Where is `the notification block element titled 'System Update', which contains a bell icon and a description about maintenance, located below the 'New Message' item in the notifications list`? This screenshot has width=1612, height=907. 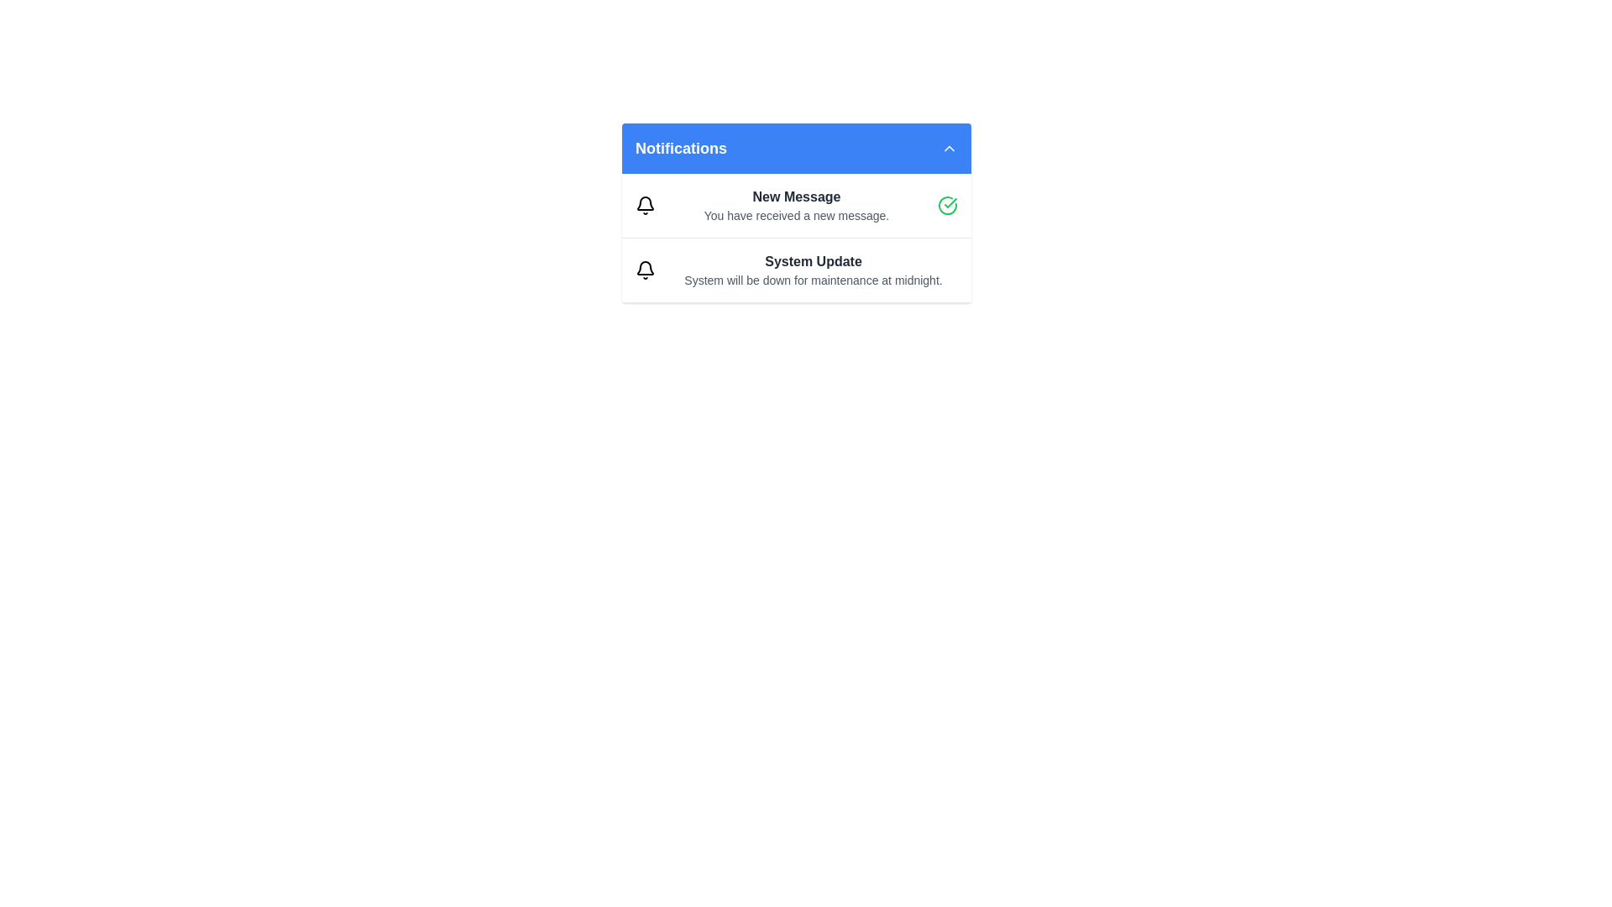 the notification block element titled 'System Update', which contains a bell icon and a description about maintenance, located below the 'New Message' item in the notifications list is located at coordinates (796, 270).